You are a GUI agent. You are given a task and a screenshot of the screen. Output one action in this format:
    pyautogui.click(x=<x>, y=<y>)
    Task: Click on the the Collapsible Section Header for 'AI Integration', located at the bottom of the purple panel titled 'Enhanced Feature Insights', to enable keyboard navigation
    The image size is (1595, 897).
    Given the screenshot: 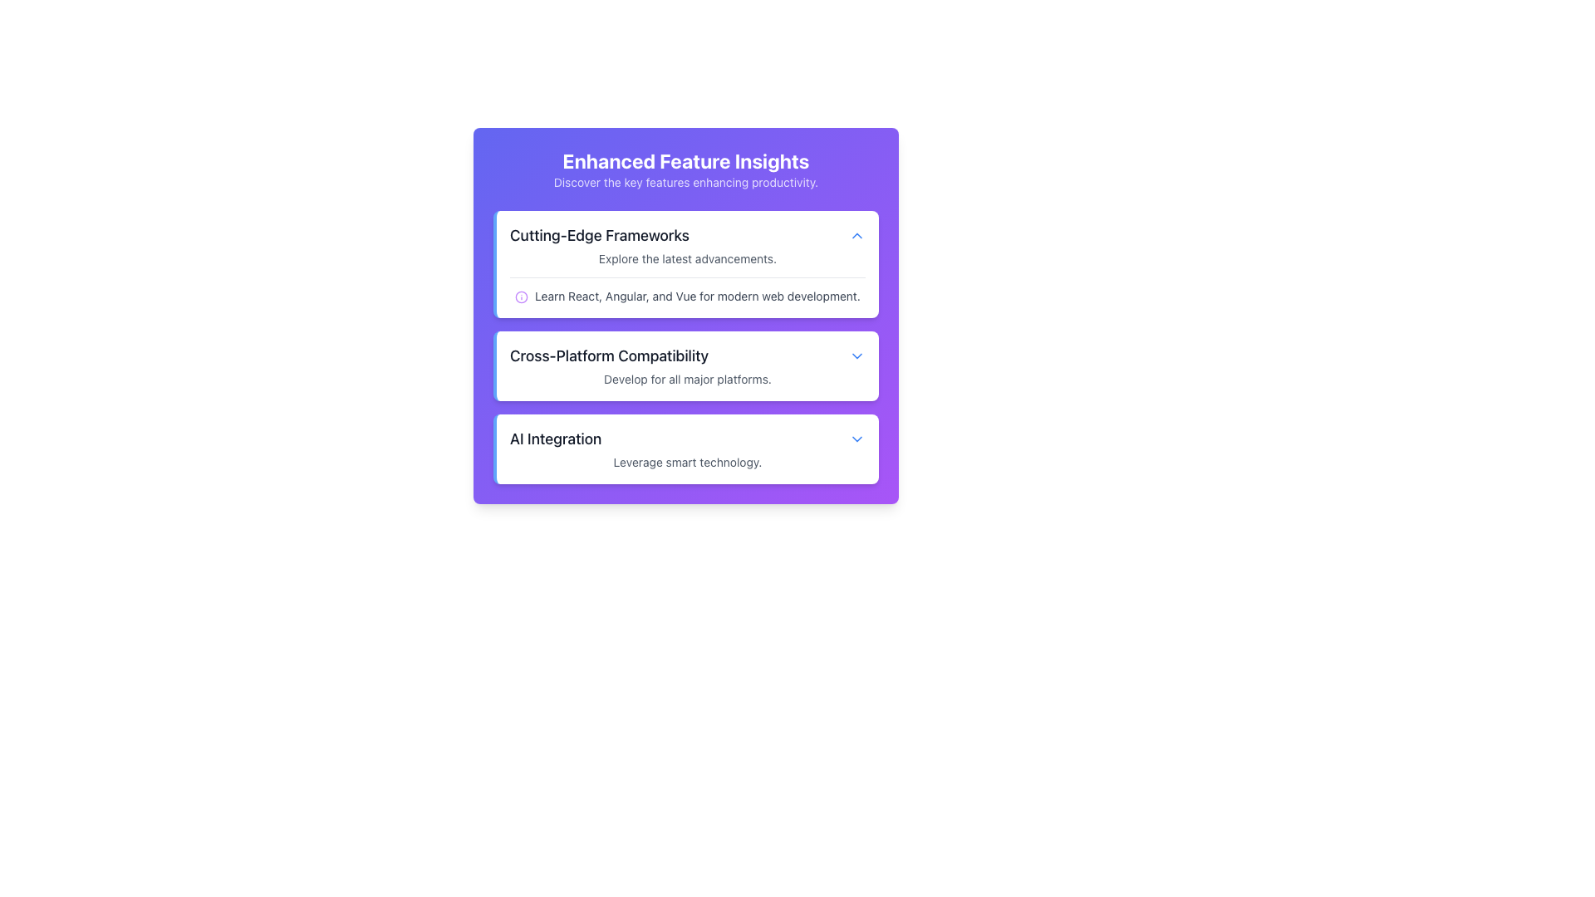 What is the action you would take?
    pyautogui.click(x=688, y=438)
    